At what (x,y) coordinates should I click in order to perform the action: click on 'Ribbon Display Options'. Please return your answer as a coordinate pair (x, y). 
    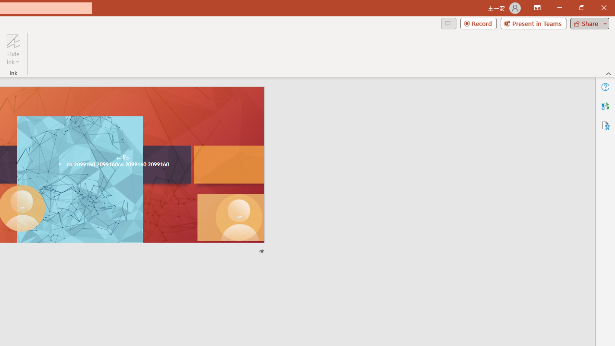
    Looking at the image, I should click on (537, 8).